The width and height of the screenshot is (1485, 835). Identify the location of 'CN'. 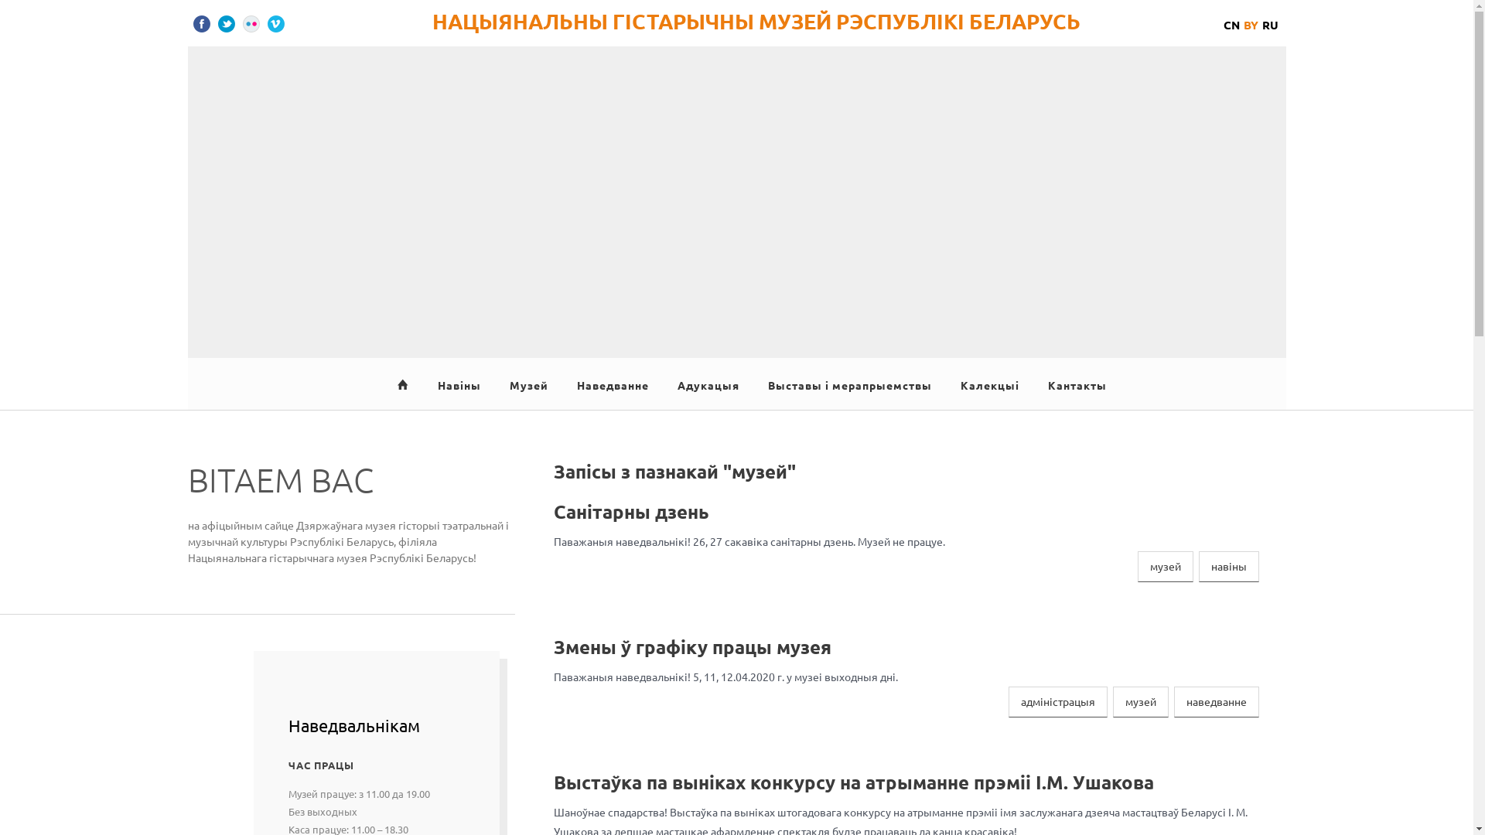
(1231, 24).